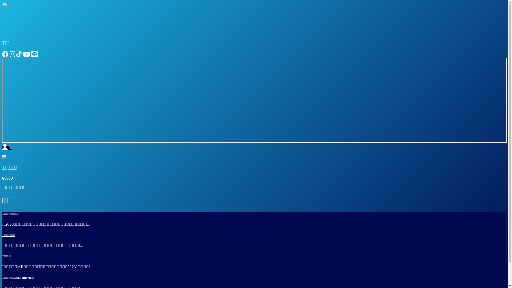 This screenshot has height=288, width=512. Describe the element at coordinates (19, 55) in the screenshot. I see `'Tiktok'` at that location.